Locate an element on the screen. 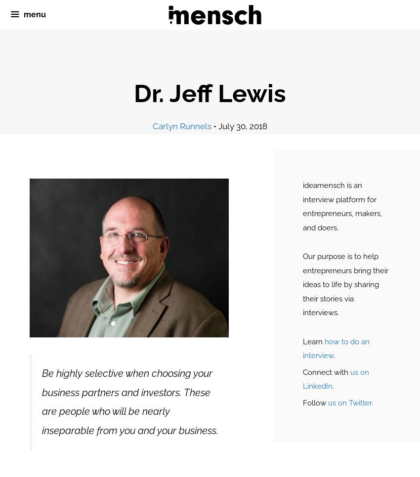 The height and width of the screenshot is (477, 420). 'Connect with' is located at coordinates (302, 371).